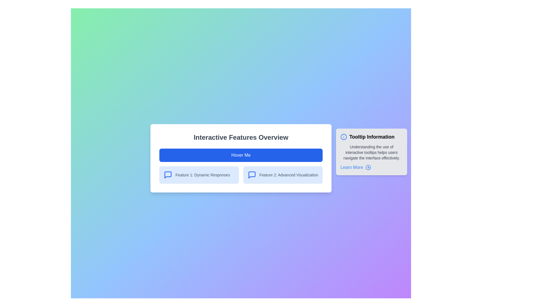  Describe the element at coordinates (283, 174) in the screenshot. I see `information presented in the Informational card titled 'Feature 2: Advanced Visualization', which is the second card in a horizontal grid layout below the main header` at that location.